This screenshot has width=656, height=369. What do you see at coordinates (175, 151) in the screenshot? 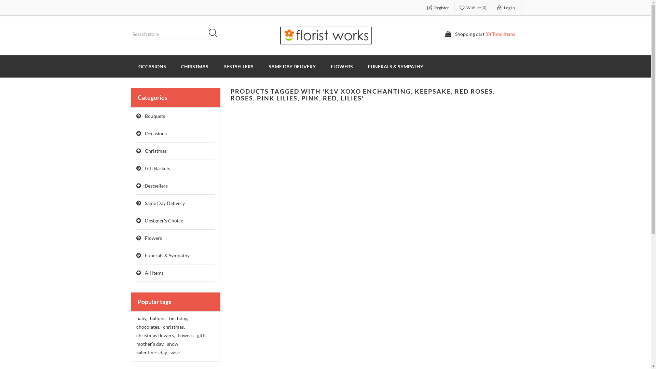
I see `'Christmas'` at bounding box center [175, 151].